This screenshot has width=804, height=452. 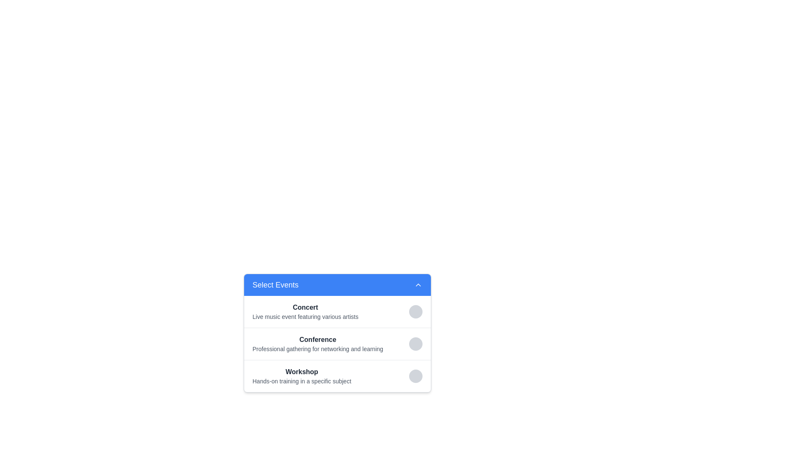 What do you see at coordinates (301, 371) in the screenshot?
I see `the Text Label that serves as a heading for the third event type option in the list under 'Select Events'` at bounding box center [301, 371].